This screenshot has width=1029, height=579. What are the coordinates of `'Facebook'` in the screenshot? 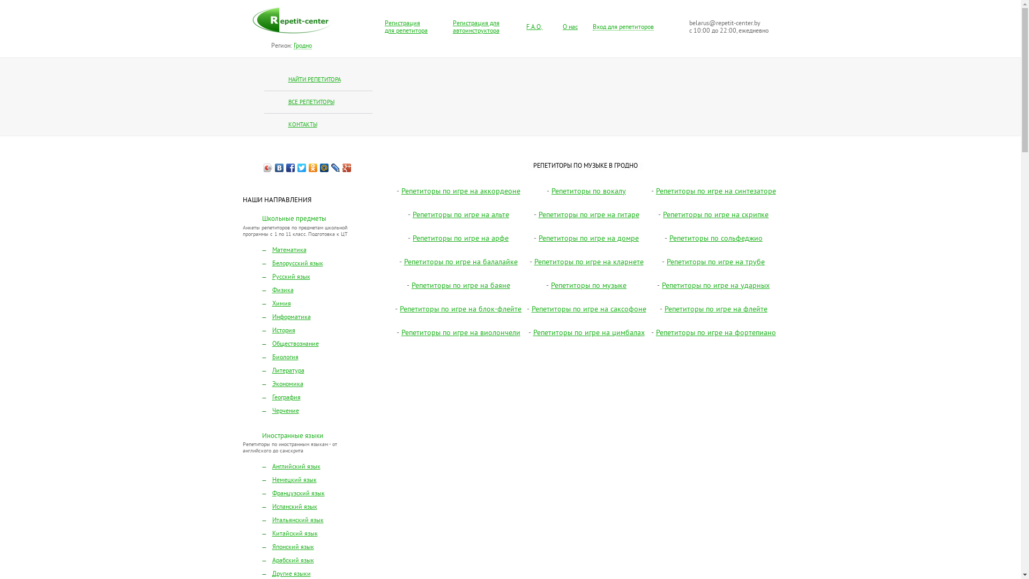 It's located at (290, 167).